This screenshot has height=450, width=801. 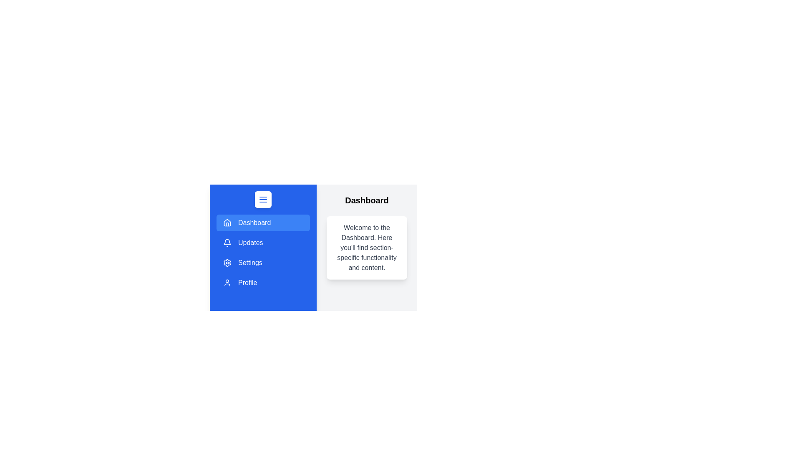 I want to click on toggle button to open or close the drawer, so click(x=262, y=199).